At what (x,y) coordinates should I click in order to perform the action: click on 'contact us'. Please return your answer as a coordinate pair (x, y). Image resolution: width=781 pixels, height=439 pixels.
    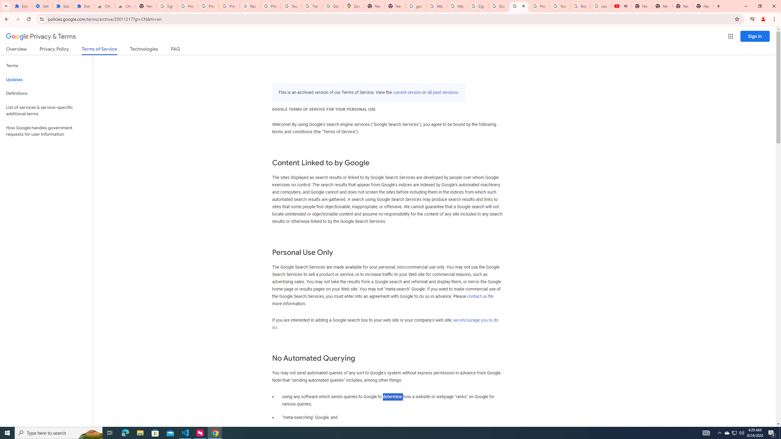
    Looking at the image, I should click on (477, 296).